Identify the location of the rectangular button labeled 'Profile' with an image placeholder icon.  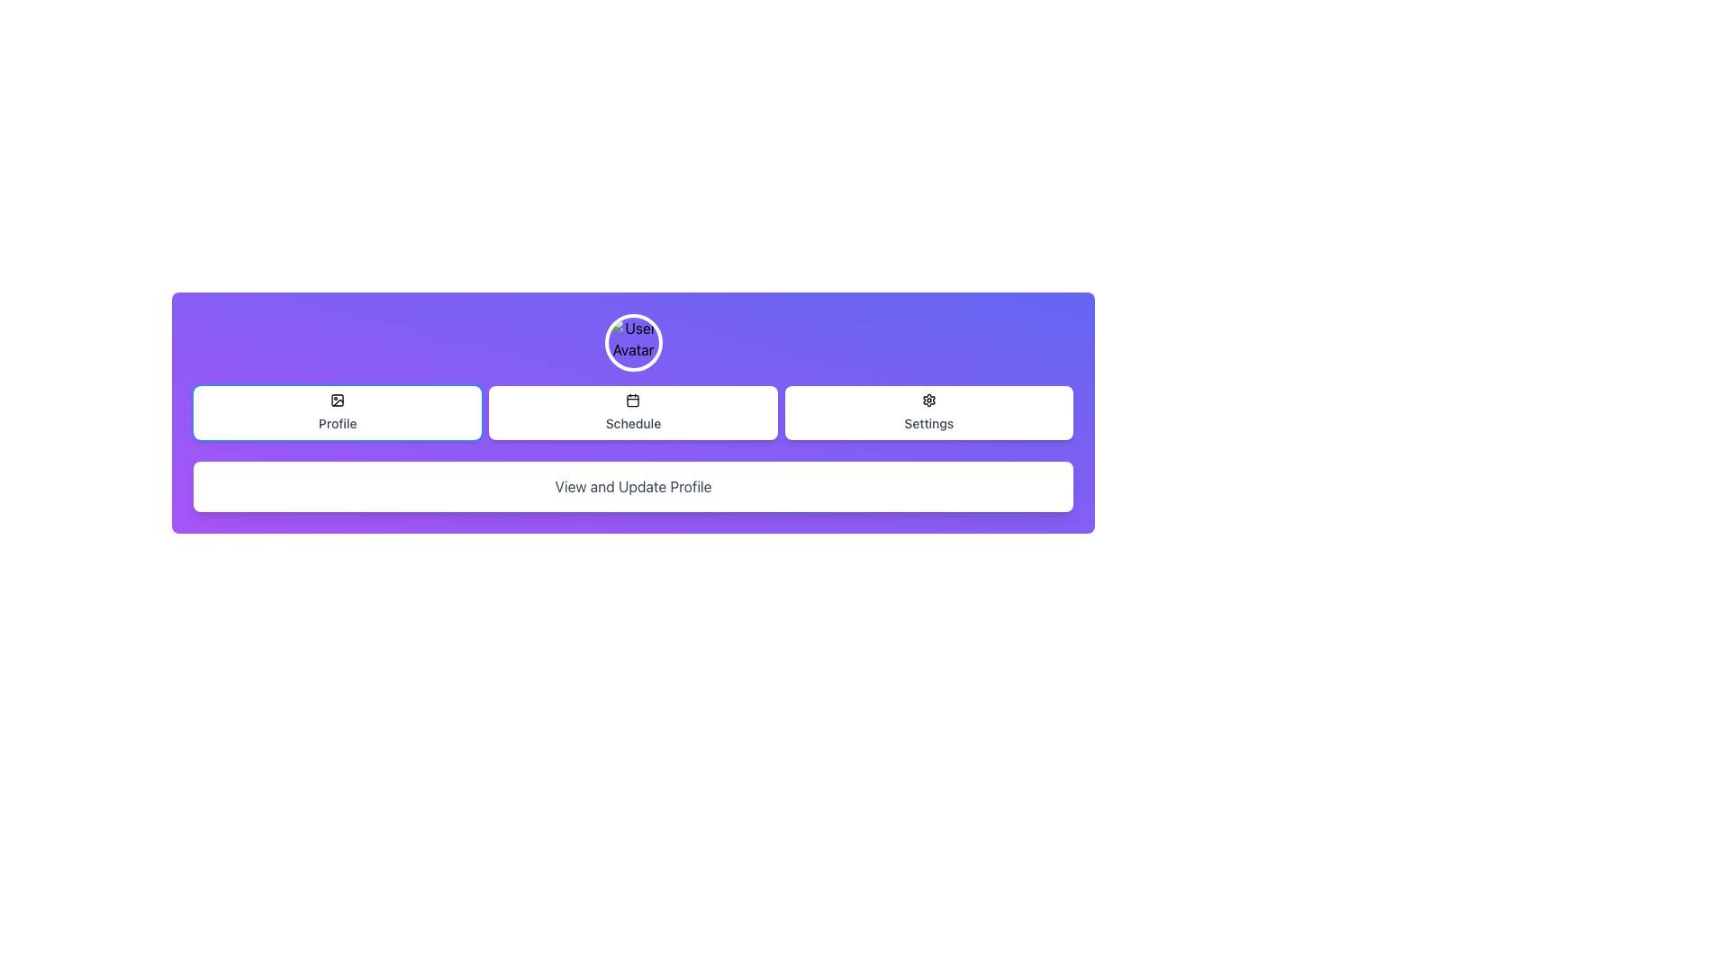
(338, 413).